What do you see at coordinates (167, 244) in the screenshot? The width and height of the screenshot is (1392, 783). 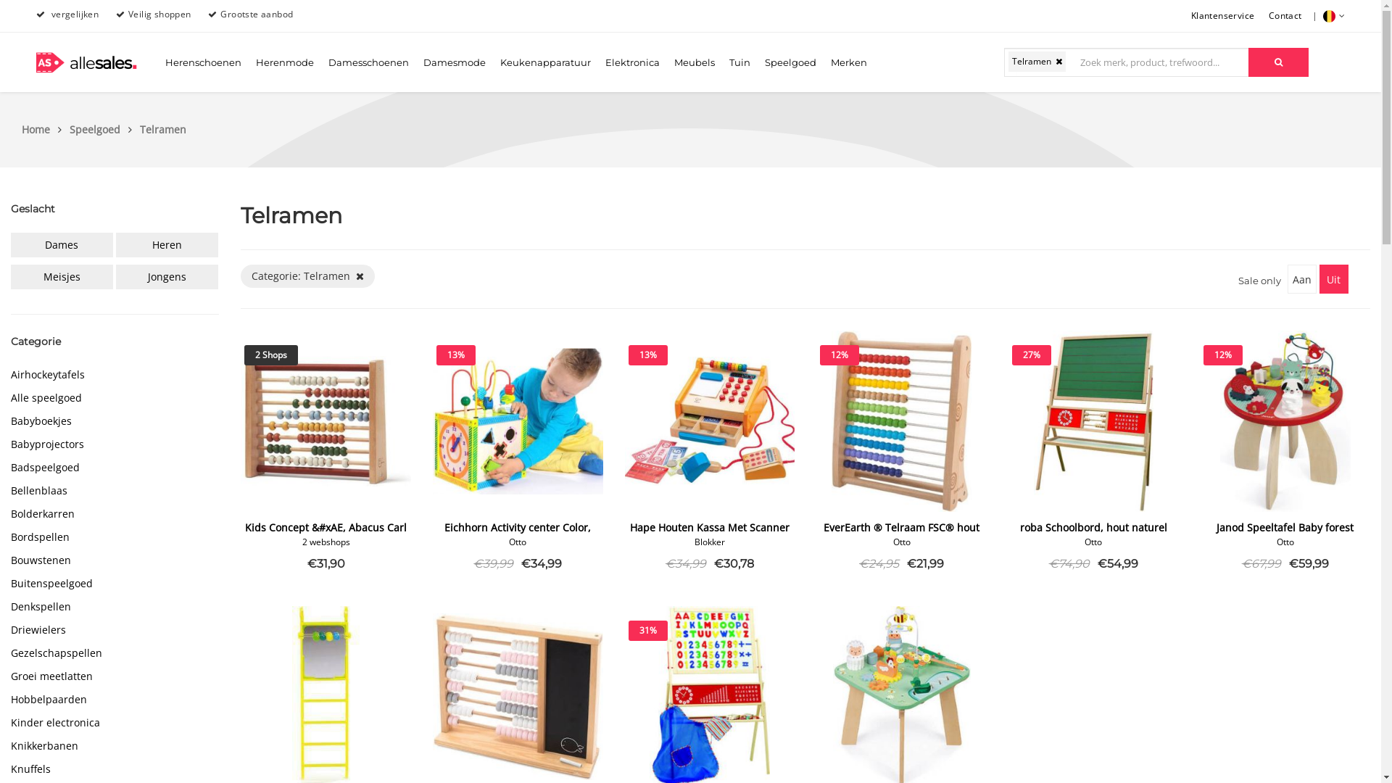 I see `'Heren'` at bounding box center [167, 244].